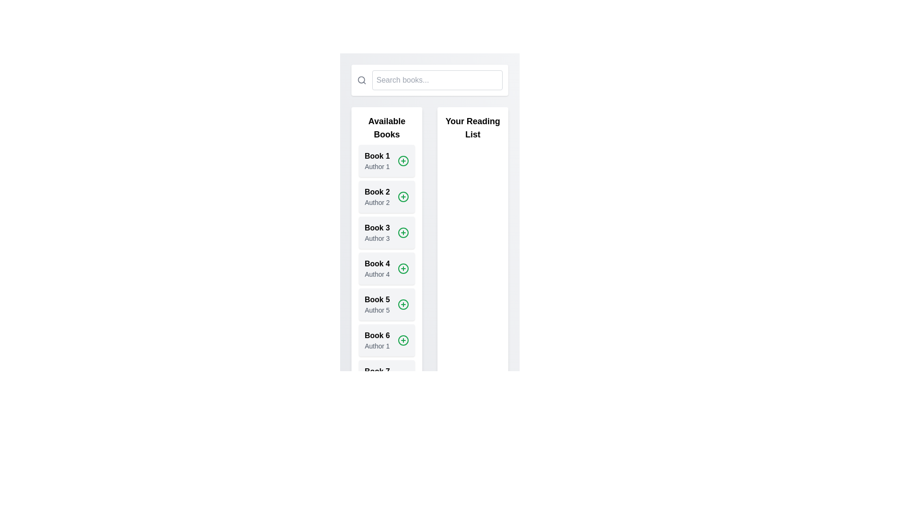 The height and width of the screenshot is (510, 907). Describe the element at coordinates (376, 238) in the screenshot. I see `the text label 'Author 3' which is styled in gray and located beneath the bold 'Book 3' label, part of the description area for 'Book 3'` at that location.